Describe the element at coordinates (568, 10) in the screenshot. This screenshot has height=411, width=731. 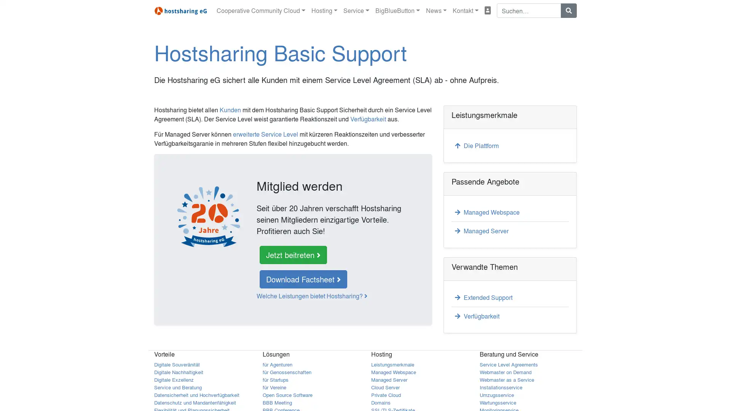
I see `Suchen` at that location.